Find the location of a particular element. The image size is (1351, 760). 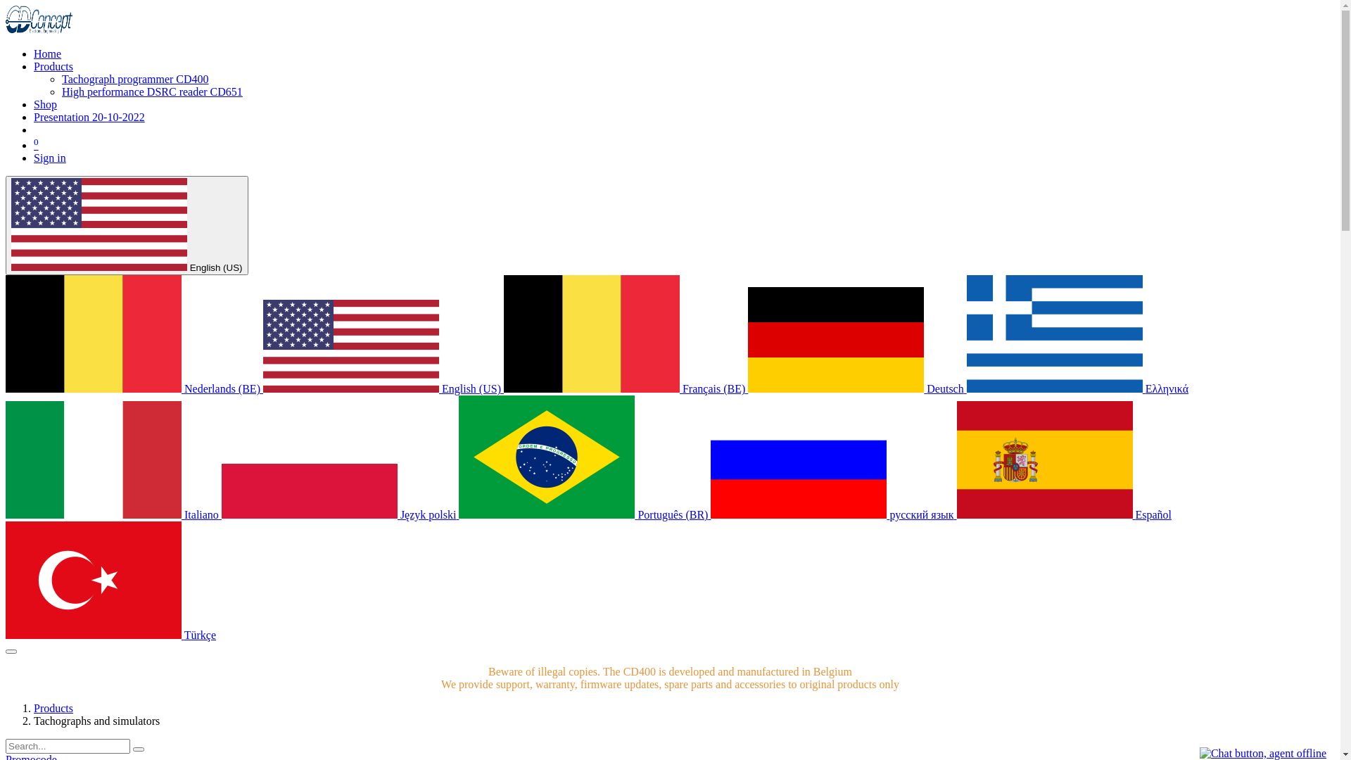

'High performance DSRC reader CD651' is located at coordinates (152, 91).